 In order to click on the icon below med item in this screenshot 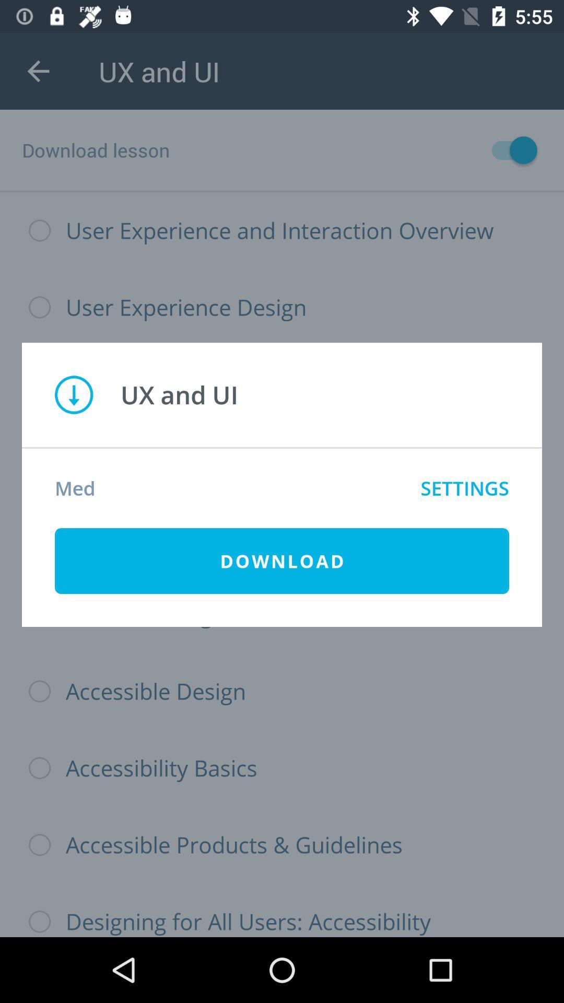, I will do `click(282, 561)`.